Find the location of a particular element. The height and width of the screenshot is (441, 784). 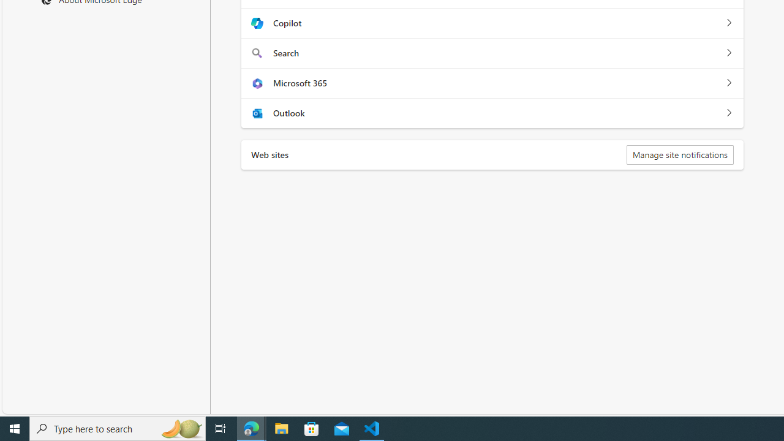

'Type here to search' is located at coordinates (118, 428).